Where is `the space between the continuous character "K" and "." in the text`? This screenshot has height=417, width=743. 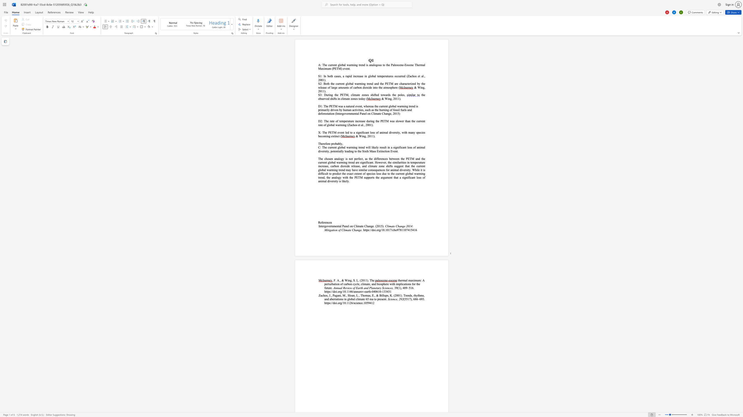
the space between the continuous character "K" and "." in the text is located at coordinates (391, 295).